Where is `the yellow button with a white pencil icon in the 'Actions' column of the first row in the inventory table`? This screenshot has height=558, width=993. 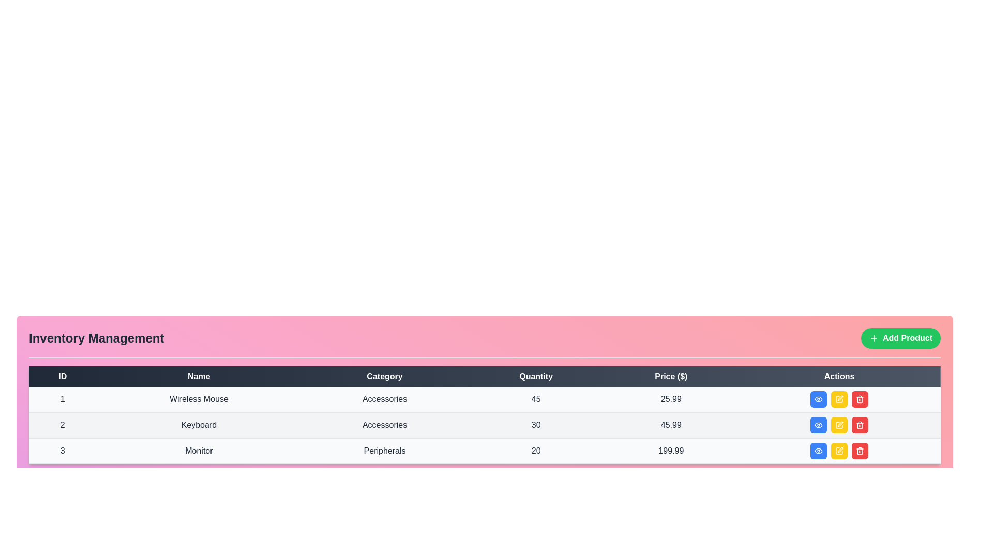 the yellow button with a white pencil icon in the 'Actions' column of the first row in the inventory table is located at coordinates (839, 399).